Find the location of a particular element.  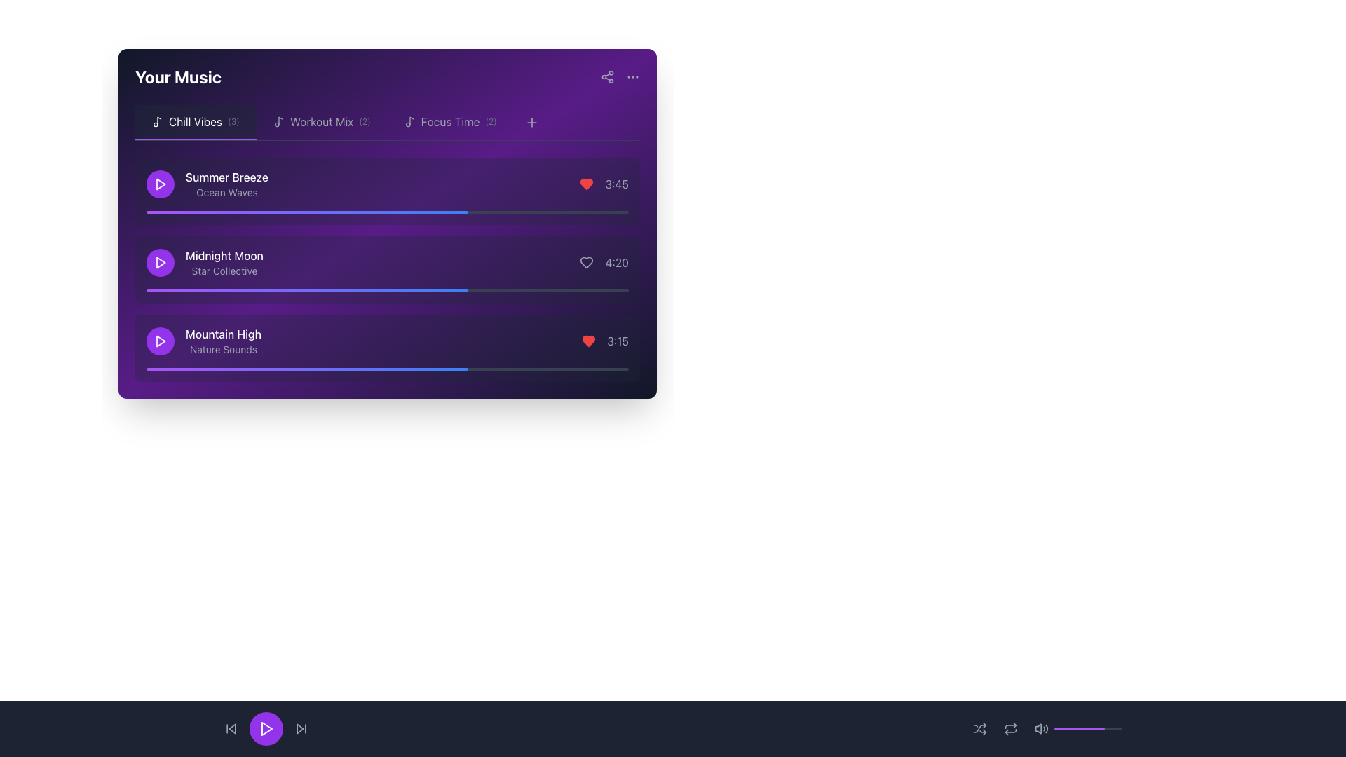

the circular play button with a purple background and white play icon, located to the left of the 'Midnight Moon' song entry is located at coordinates (161, 262).